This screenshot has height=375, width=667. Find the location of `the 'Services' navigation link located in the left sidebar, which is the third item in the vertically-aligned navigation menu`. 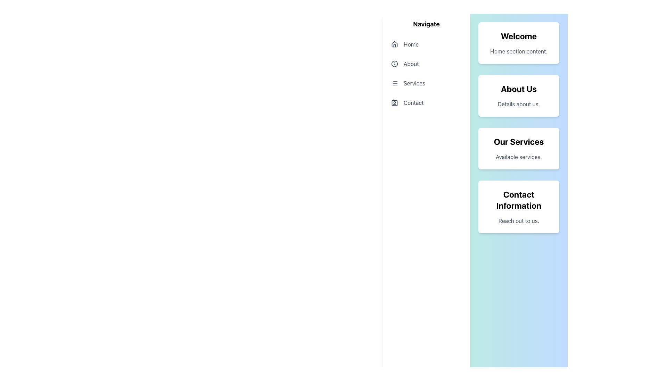

the 'Services' navigation link located in the left sidebar, which is the third item in the vertically-aligned navigation menu is located at coordinates (426, 83).